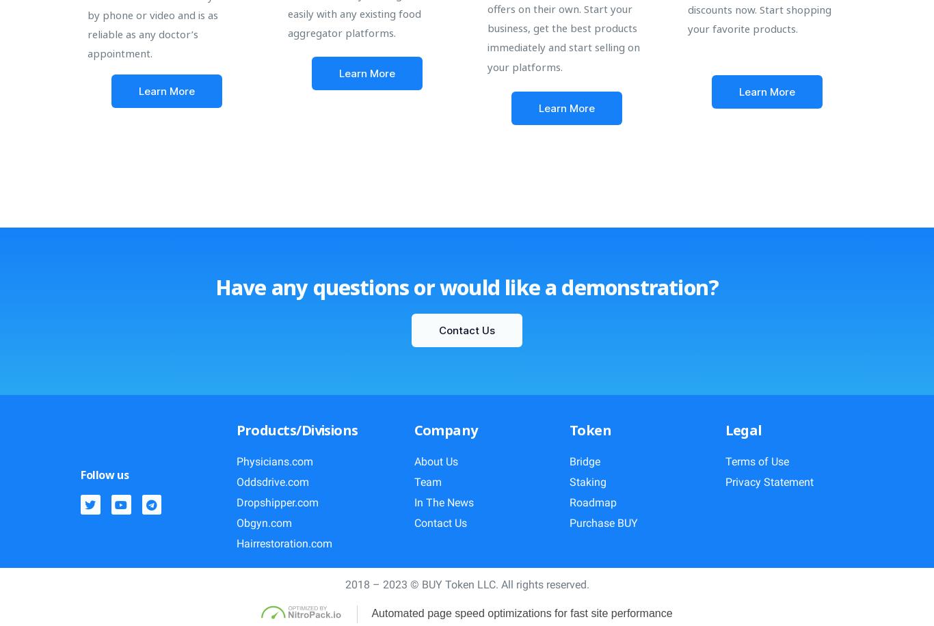  What do you see at coordinates (282, 543) in the screenshot?
I see `'Hairrestoration.com'` at bounding box center [282, 543].